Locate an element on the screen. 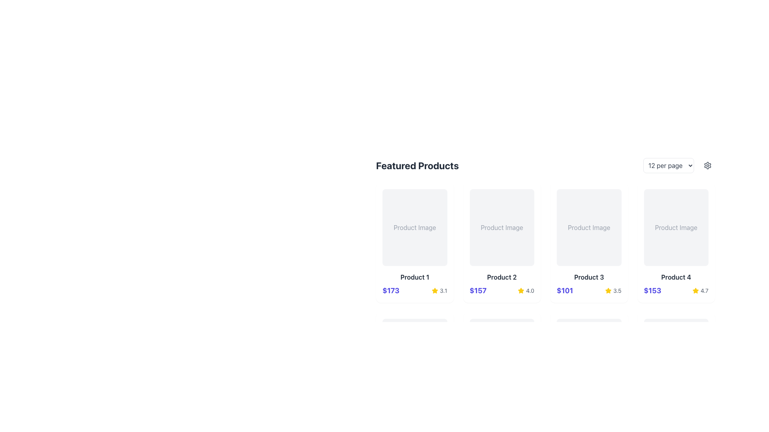 The width and height of the screenshot is (769, 432). the static text label displaying the price of Product 2, which is located directly beneath the Product Image placeholder in the featured products section is located at coordinates (478, 290).